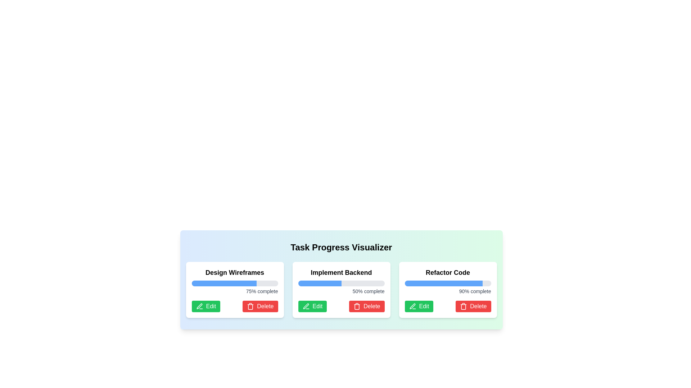 This screenshot has width=691, height=388. I want to click on the edit icon located inside the green 'Edit' button below the progress bar labeled 'Design Wireframes' in the leftmost card to initiate the edit action, so click(199, 306).